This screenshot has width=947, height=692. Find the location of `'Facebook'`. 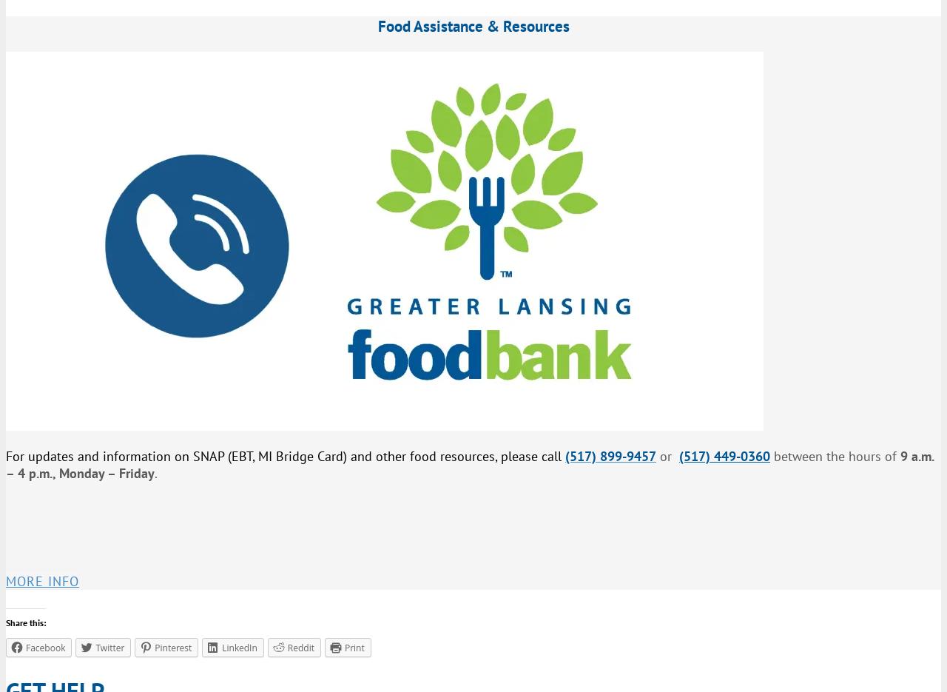

'Facebook' is located at coordinates (45, 646).